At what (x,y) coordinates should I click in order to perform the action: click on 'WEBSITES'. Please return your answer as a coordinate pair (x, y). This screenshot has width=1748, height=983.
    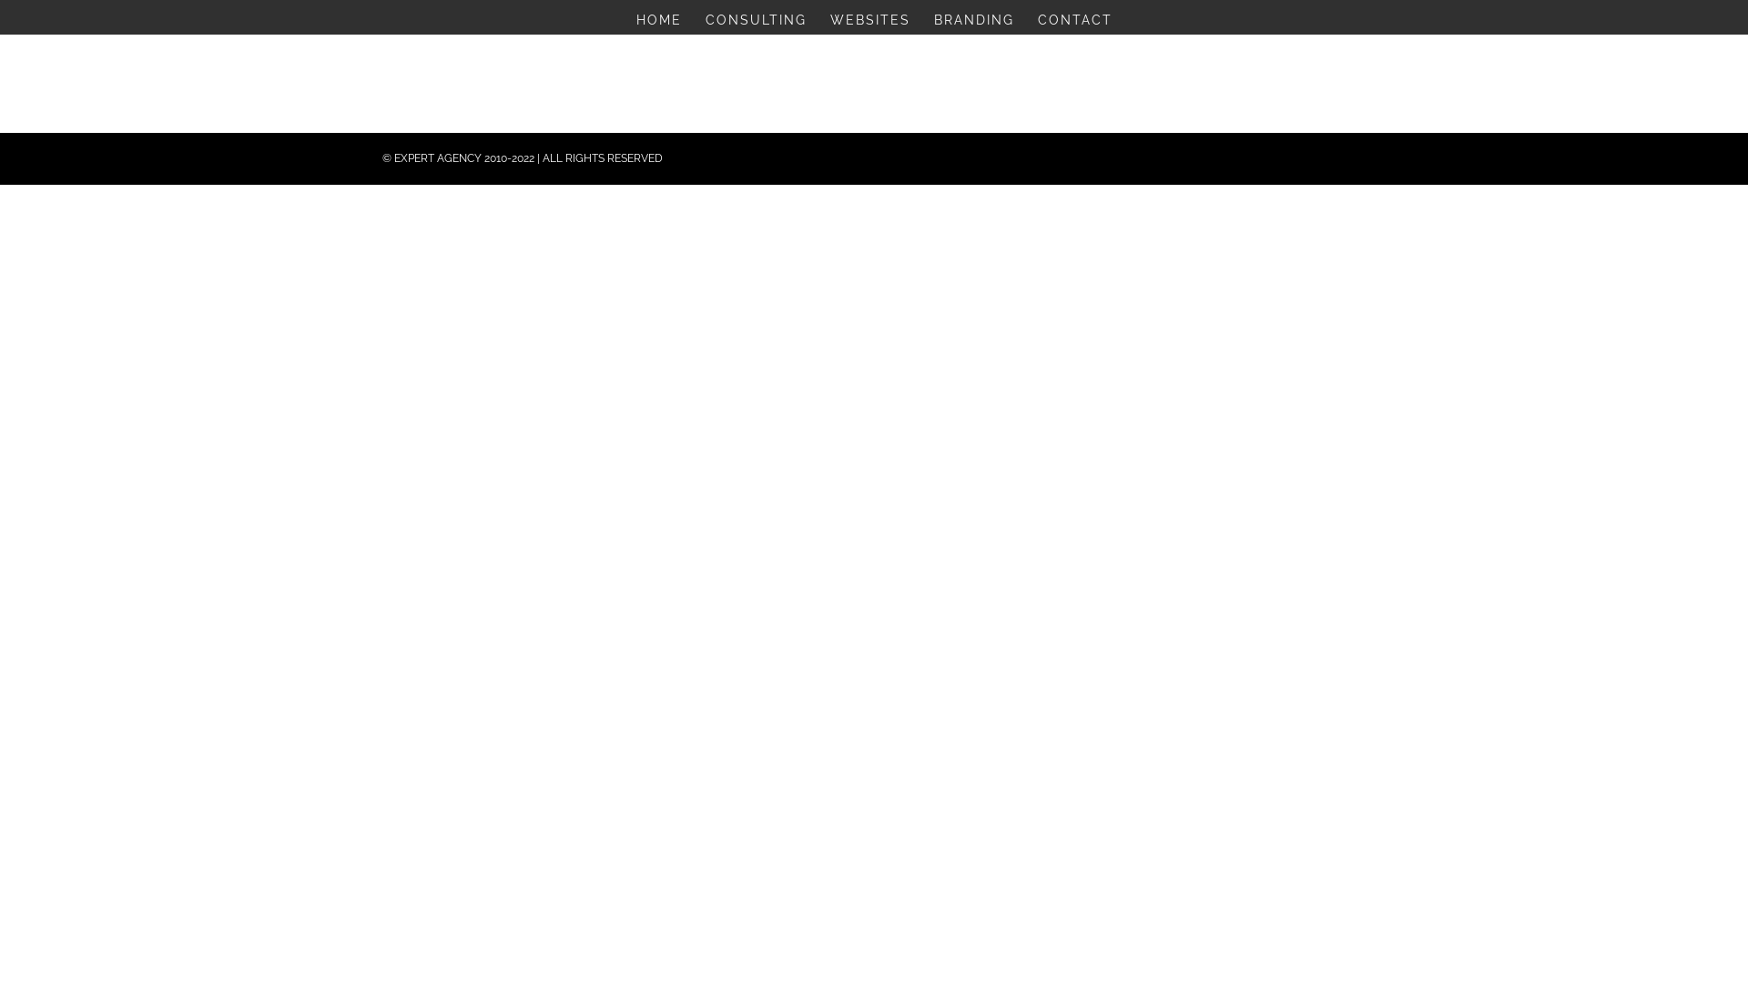
    Looking at the image, I should click on (869, 24).